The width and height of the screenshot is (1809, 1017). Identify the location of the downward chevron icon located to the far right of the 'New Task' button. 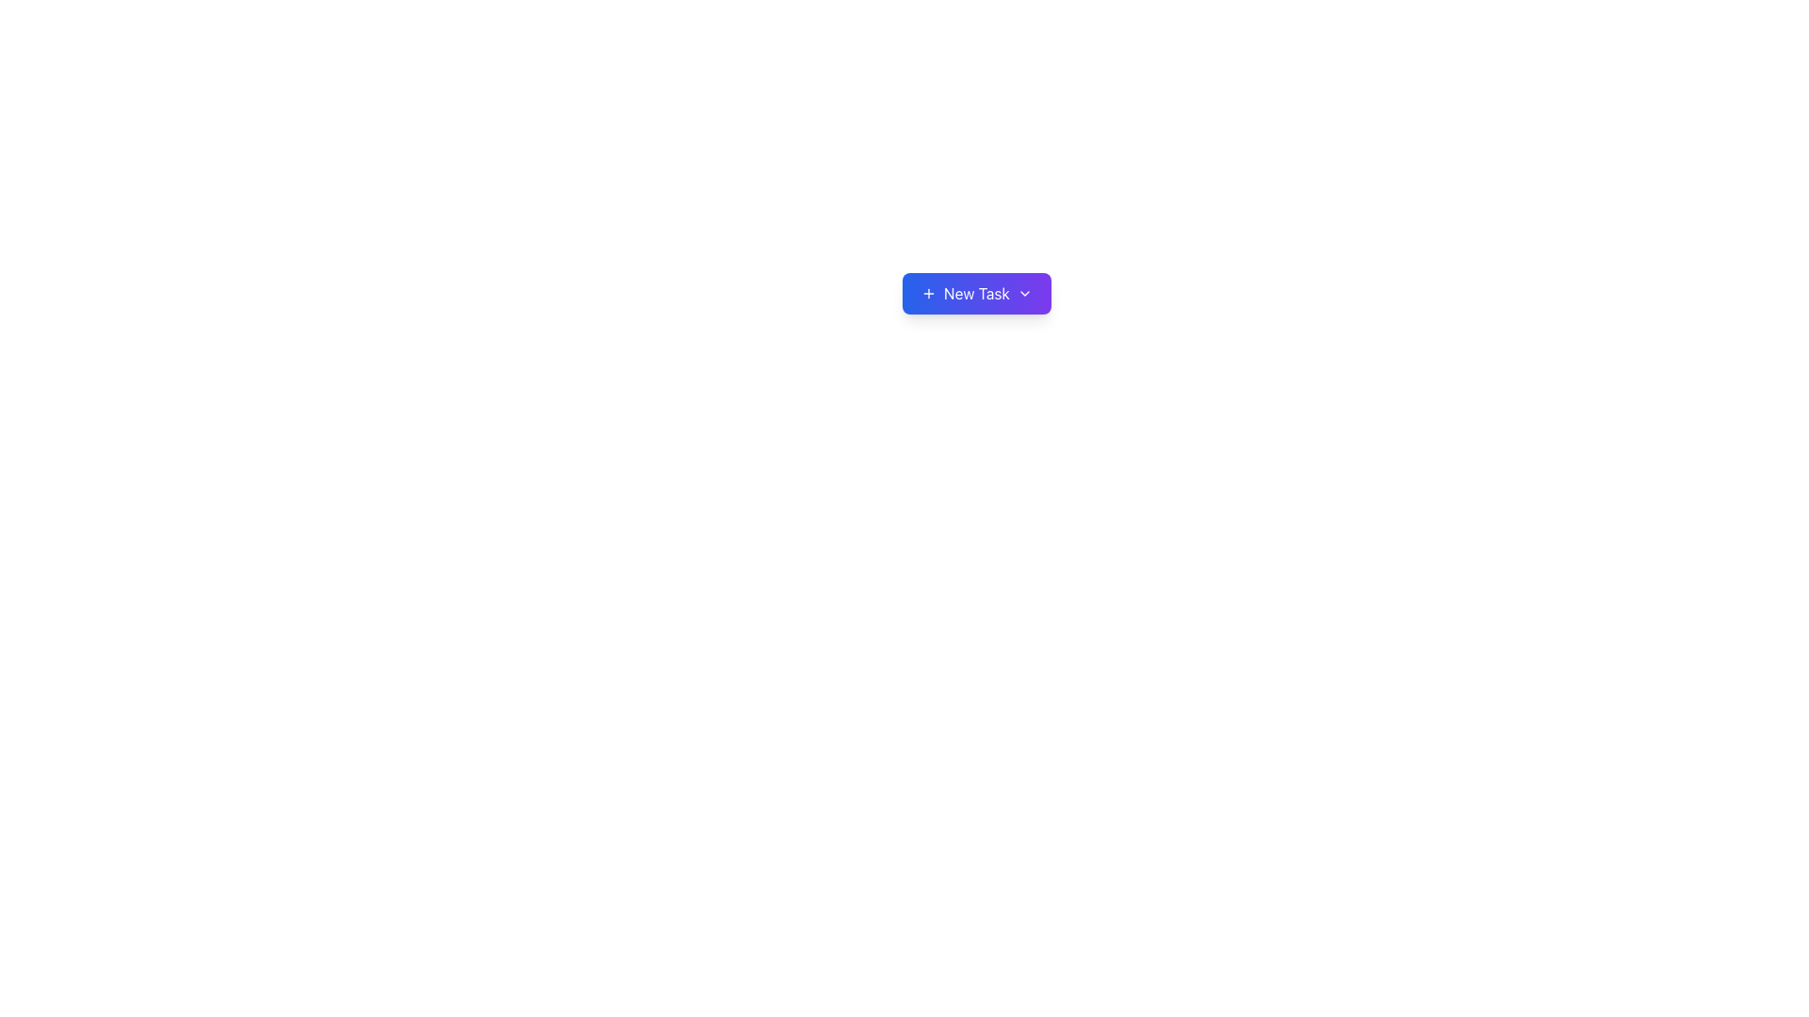
(1023, 294).